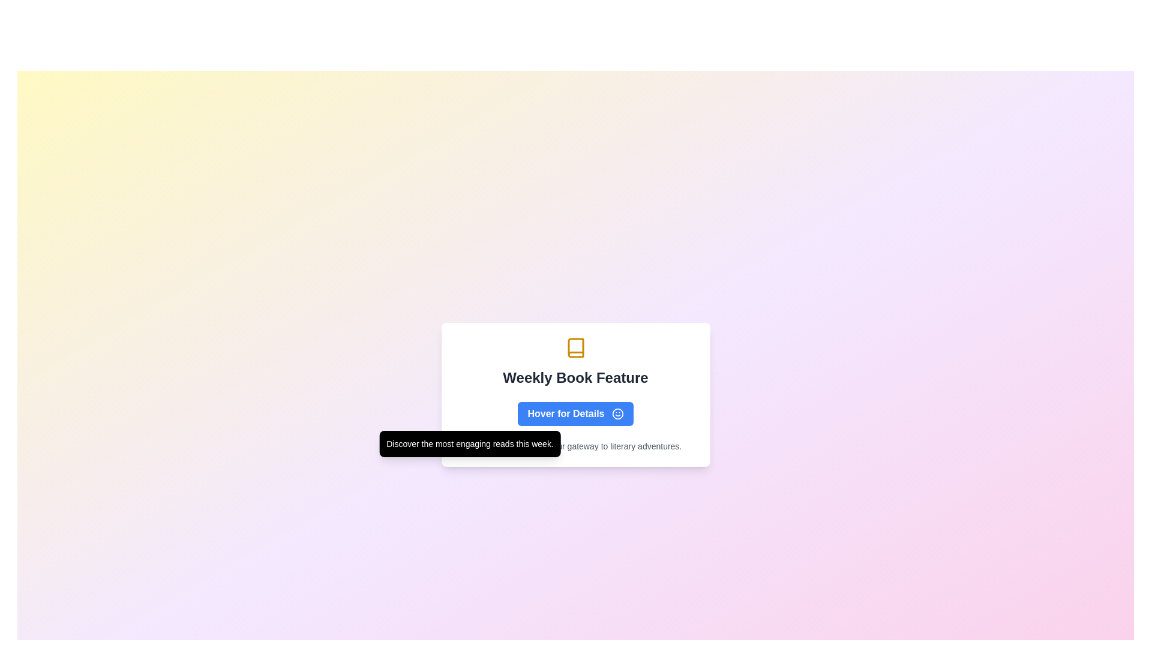 This screenshot has width=1152, height=648. Describe the element at coordinates (575, 413) in the screenshot. I see `the button located in the center lower portion of the 'Weekly Book Feature' card` at that location.